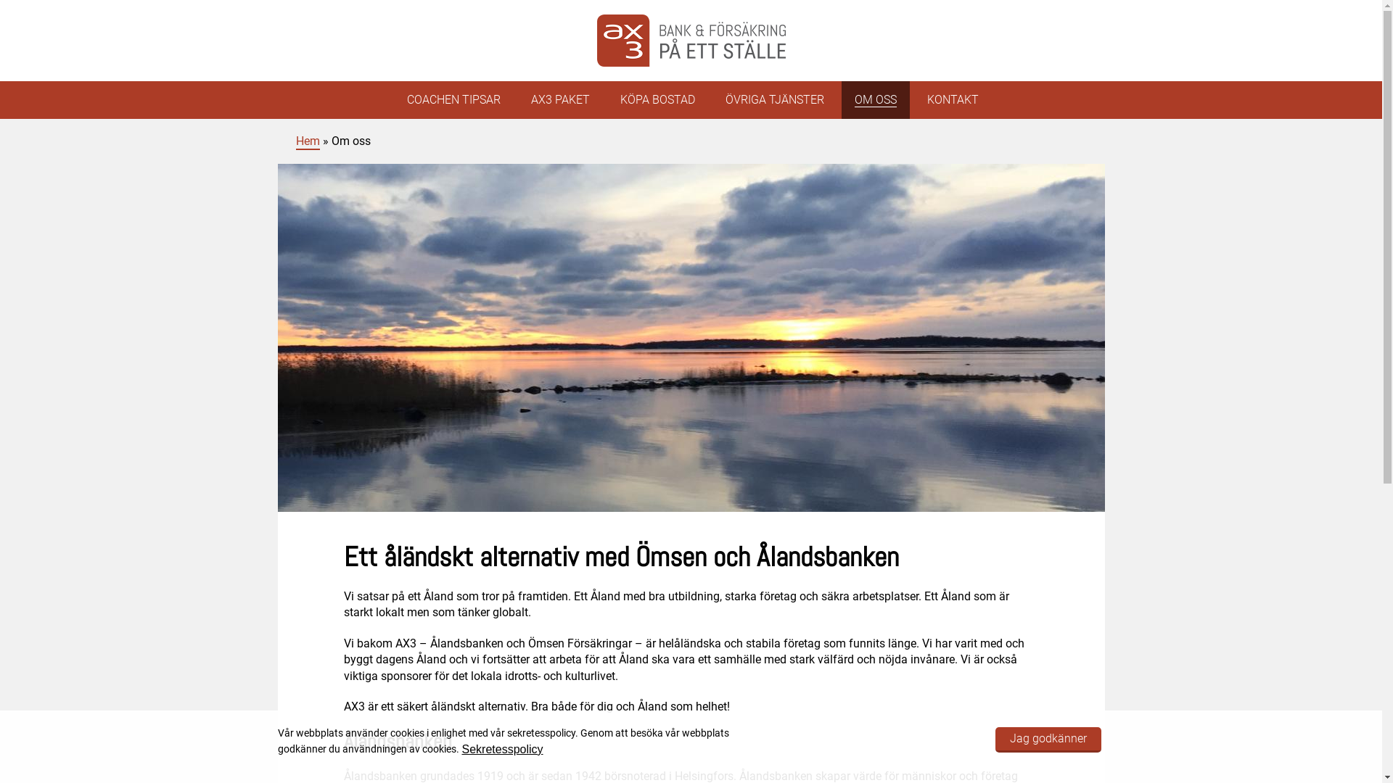 This screenshot has height=783, width=1393. What do you see at coordinates (953, 99) in the screenshot?
I see `'KONTAKT'` at bounding box center [953, 99].